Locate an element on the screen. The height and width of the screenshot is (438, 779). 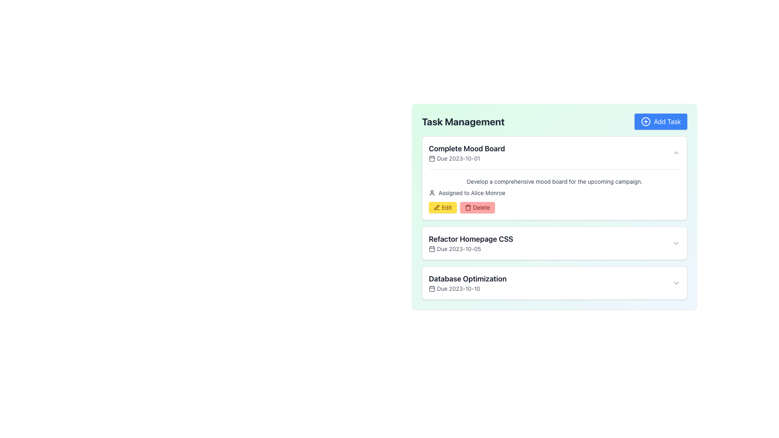
the due date text element with an accompanying icon located within the 'Refactor Homepage CSS' task card, positioned below the task title is located at coordinates (471, 248).